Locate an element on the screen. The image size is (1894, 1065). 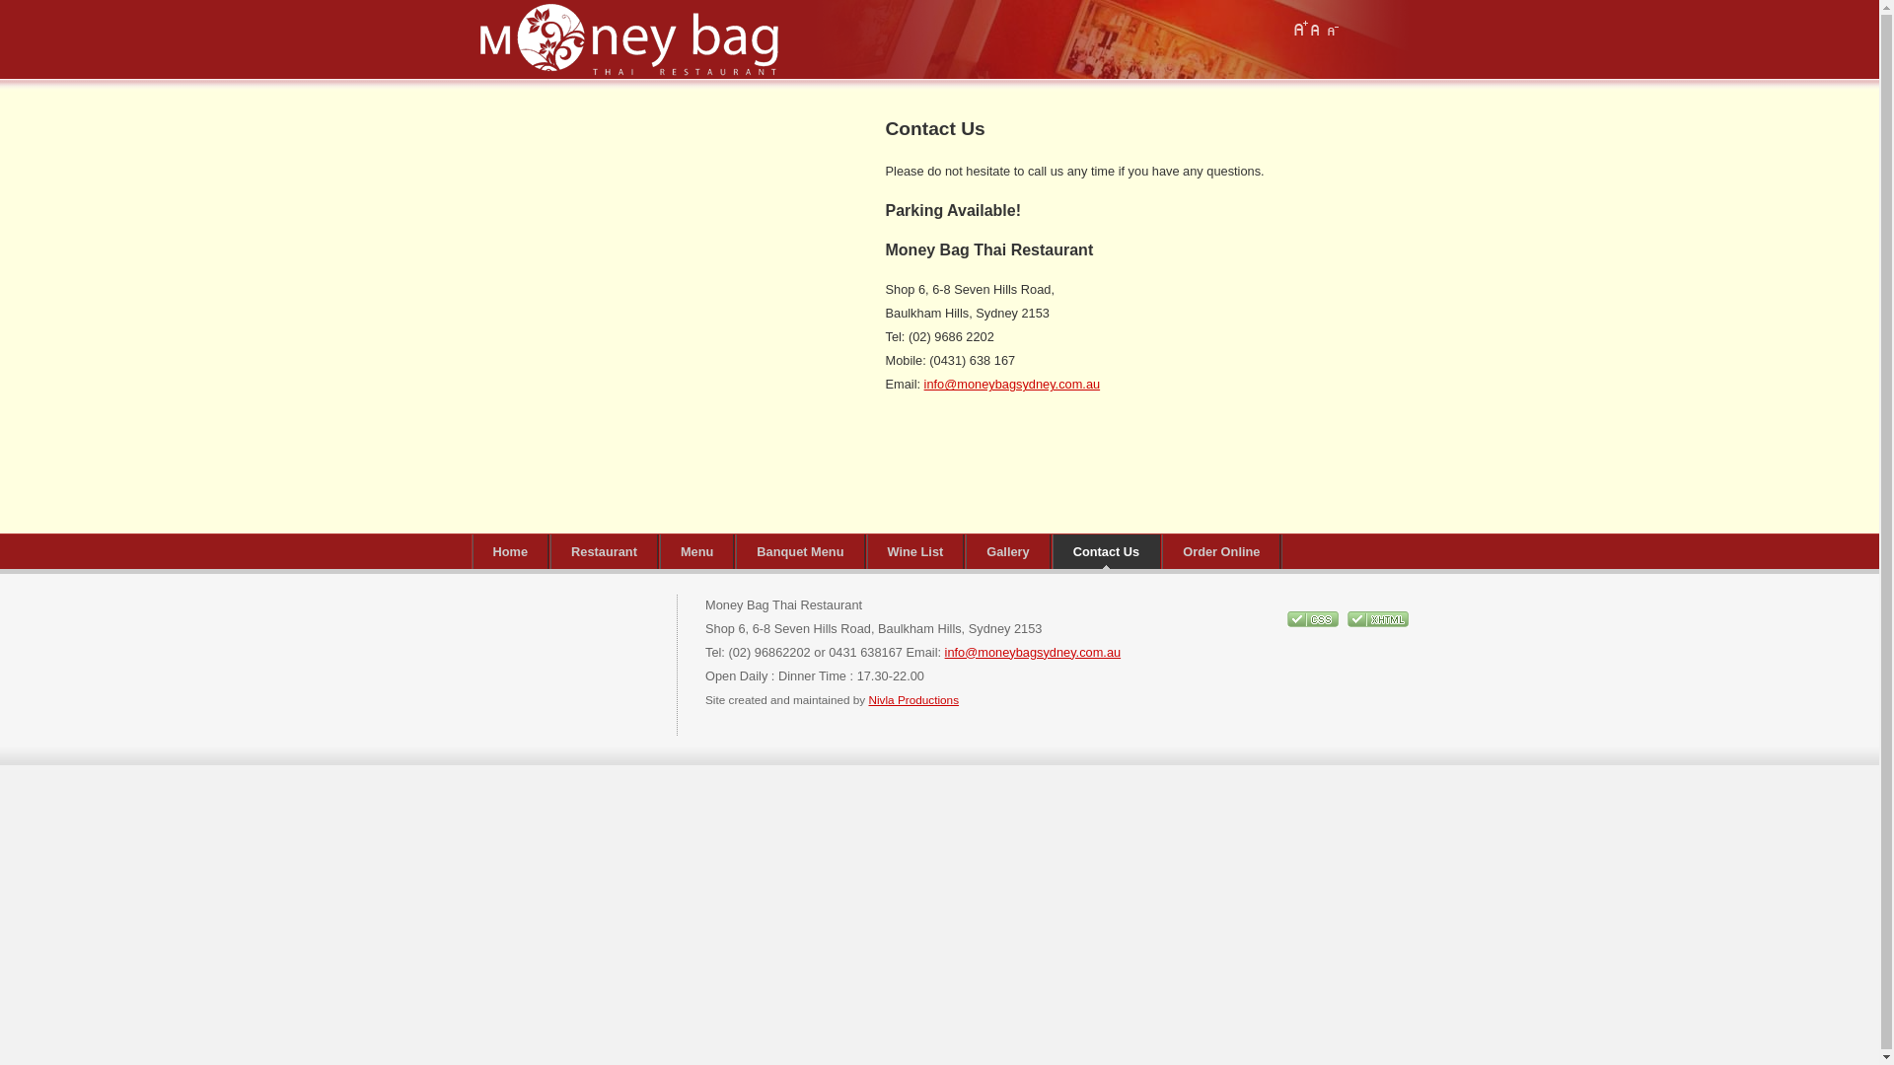
'CSS Validity' is located at coordinates (1314, 622).